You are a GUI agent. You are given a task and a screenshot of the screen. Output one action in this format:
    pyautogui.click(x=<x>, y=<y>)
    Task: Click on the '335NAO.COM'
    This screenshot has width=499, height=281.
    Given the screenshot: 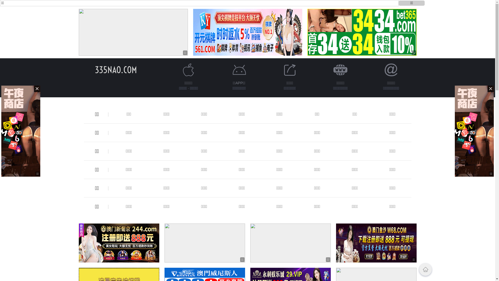 What is the action you would take?
    pyautogui.click(x=115, y=69)
    